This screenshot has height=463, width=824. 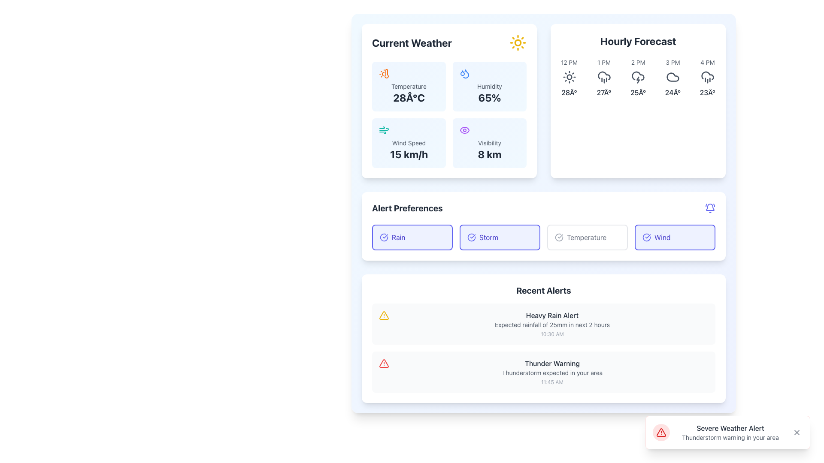 I want to click on the Text Label that provides details about the severe weather alert related to thunderstorms, located in the lower section of the alert dialog box, so click(x=730, y=438).